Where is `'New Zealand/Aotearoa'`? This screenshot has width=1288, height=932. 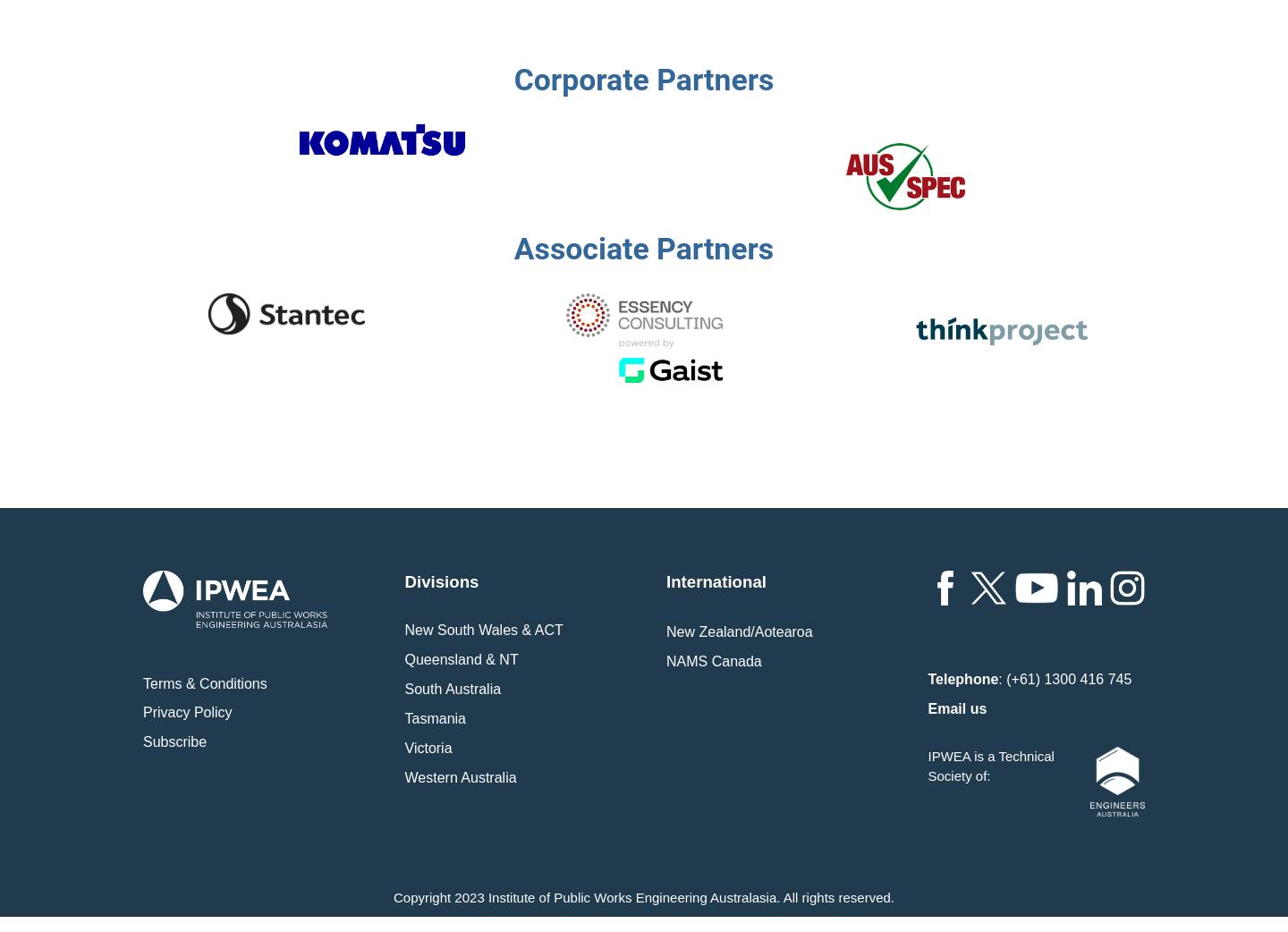
'New Zealand/Aotearoa' is located at coordinates (739, 630).